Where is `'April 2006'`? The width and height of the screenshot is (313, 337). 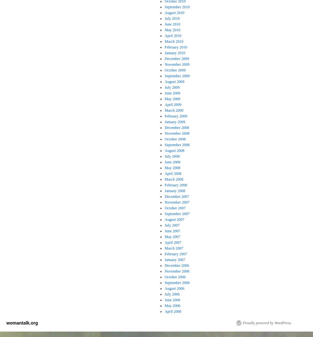
'April 2006' is located at coordinates (164, 311).